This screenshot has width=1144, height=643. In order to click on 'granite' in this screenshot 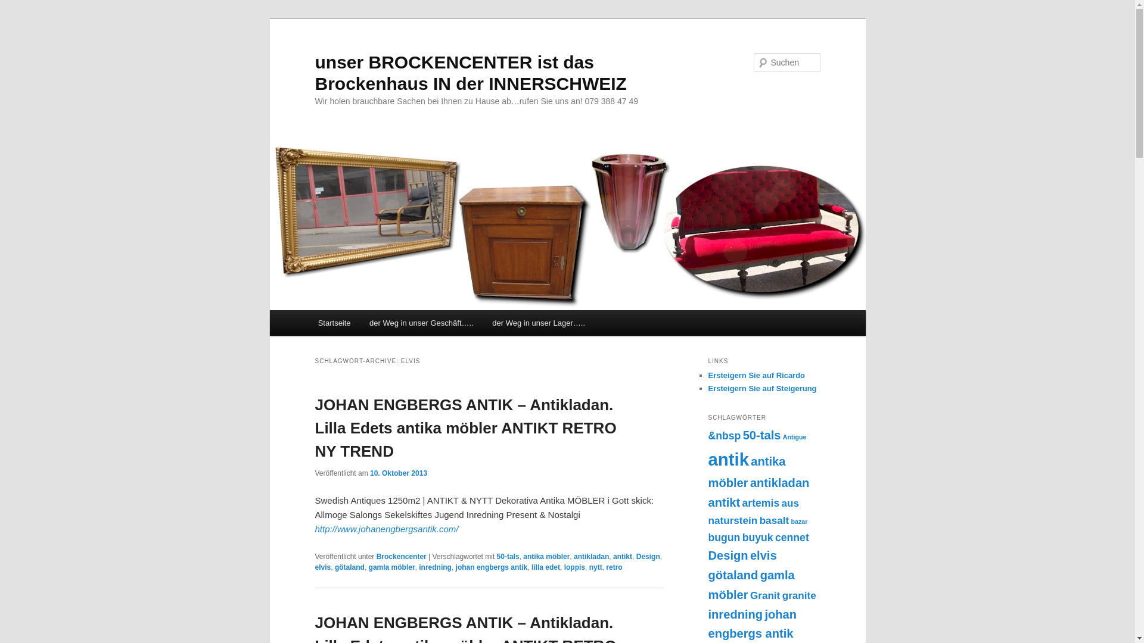, I will do `click(799, 595)`.